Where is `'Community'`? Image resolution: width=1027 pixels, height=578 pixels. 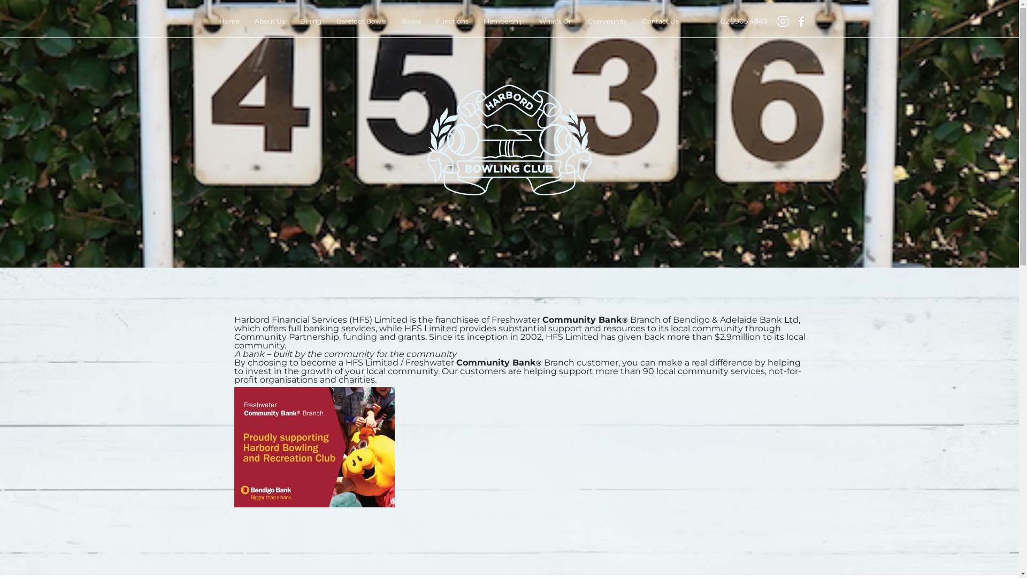 'Community' is located at coordinates (607, 21).